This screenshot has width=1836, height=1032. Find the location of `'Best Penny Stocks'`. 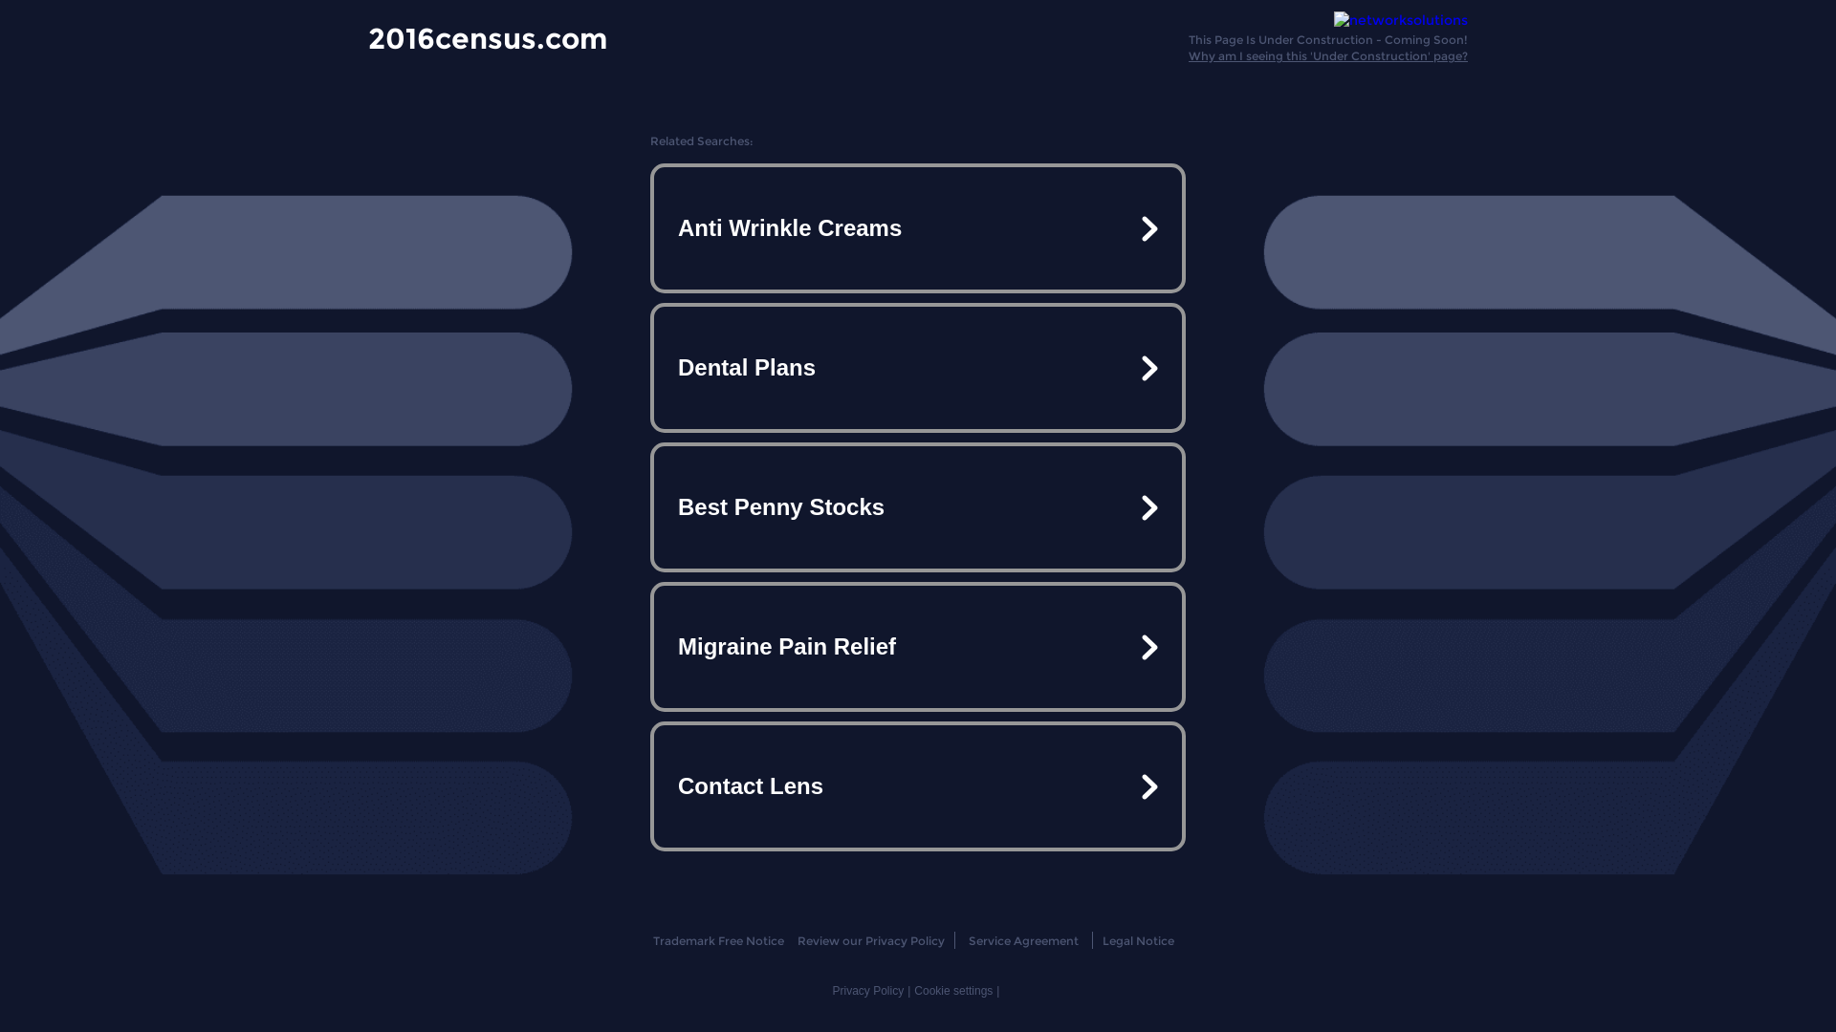

'Best Penny Stocks' is located at coordinates (918, 506).